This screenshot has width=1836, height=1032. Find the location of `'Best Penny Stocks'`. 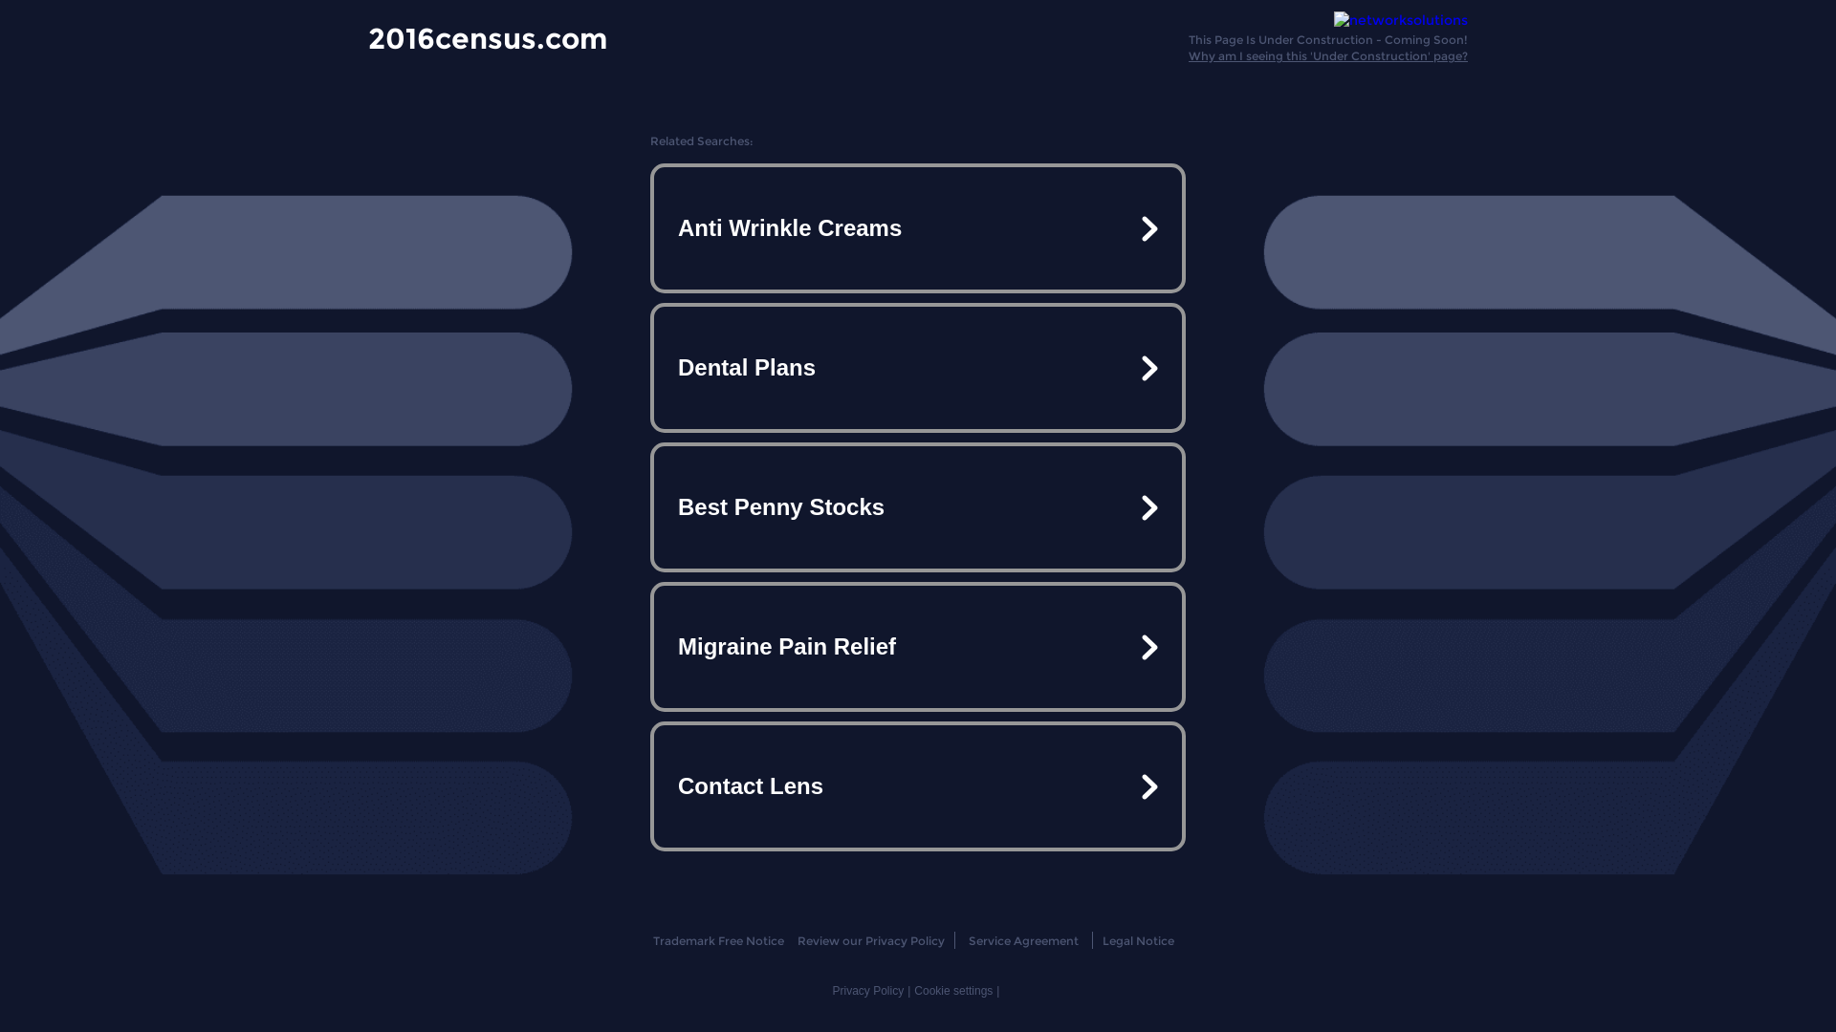

'Best Penny Stocks' is located at coordinates (918, 506).